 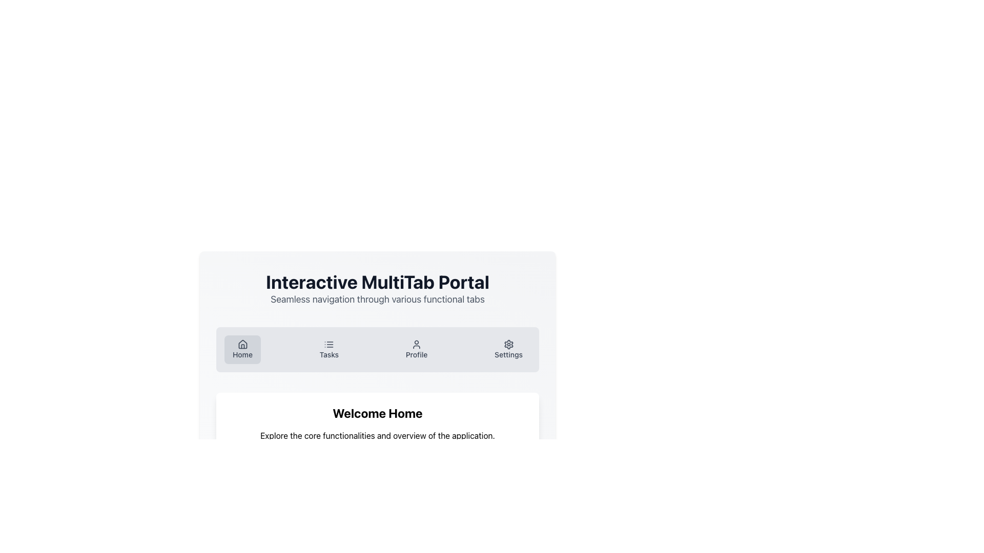 What do you see at coordinates (377, 349) in the screenshot?
I see `the individual items in the Navigation bar located centrally below the title 'Interactive MultiTab Portal' and above the content 'Welcome Home'` at bounding box center [377, 349].